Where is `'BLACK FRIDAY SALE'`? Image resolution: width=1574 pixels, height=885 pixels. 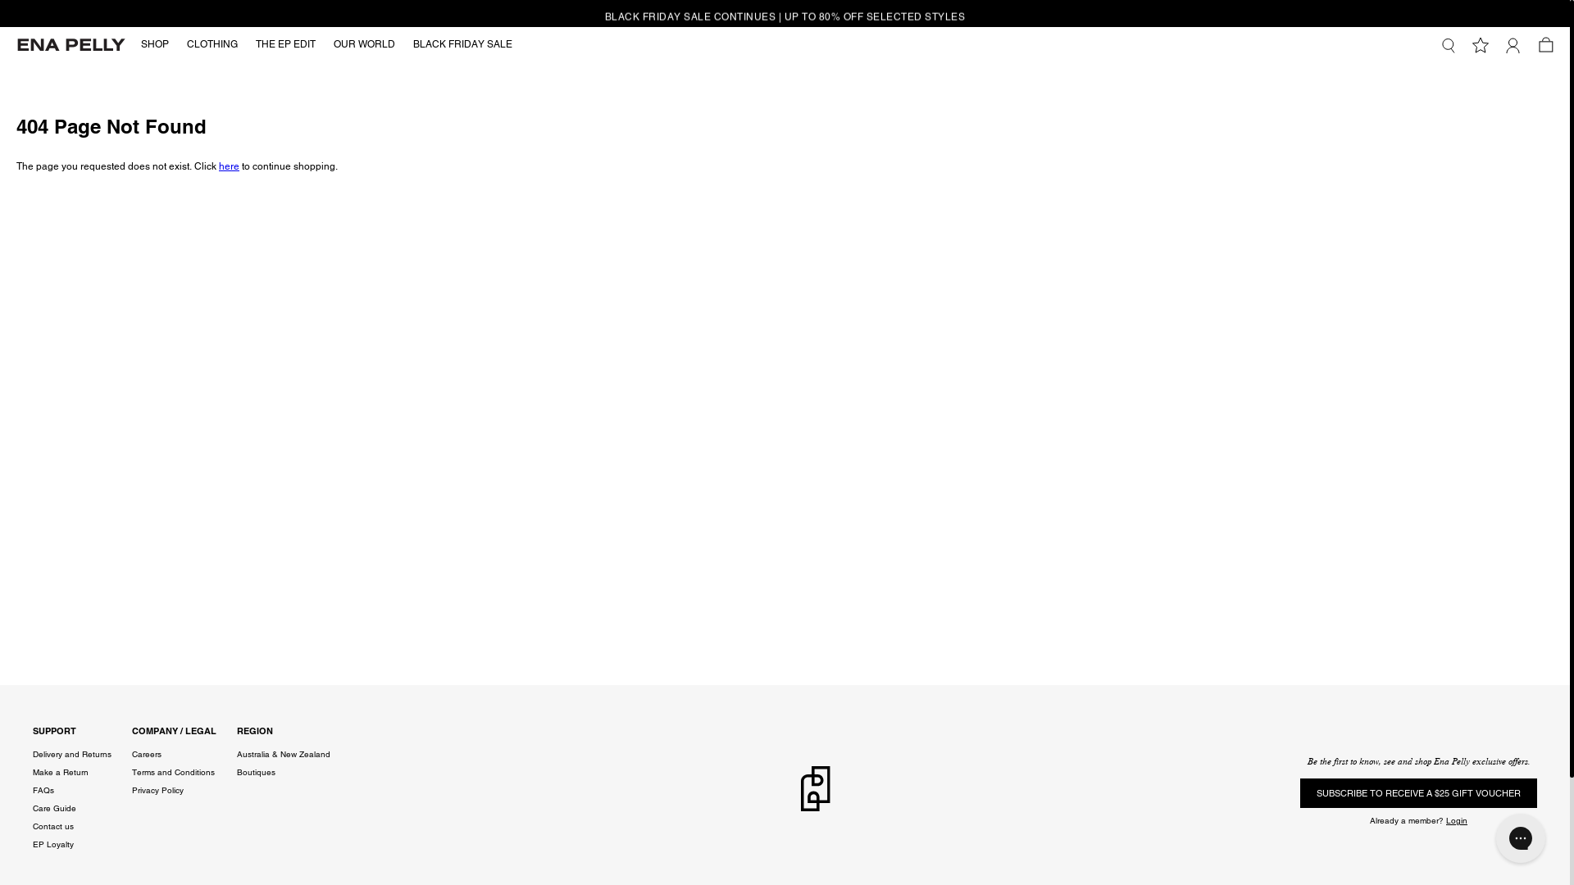
'BLACK FRIDAY SALE' is located at coordinates (413, 43).